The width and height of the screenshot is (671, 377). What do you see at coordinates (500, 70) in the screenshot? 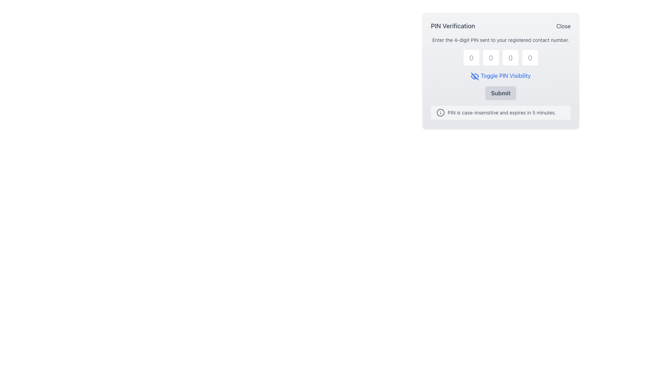
I see `the modal dialog box titled 'PIN Verification' which has a gray-to-white gradient background and rounded corners` at bounding box center [500, 70].